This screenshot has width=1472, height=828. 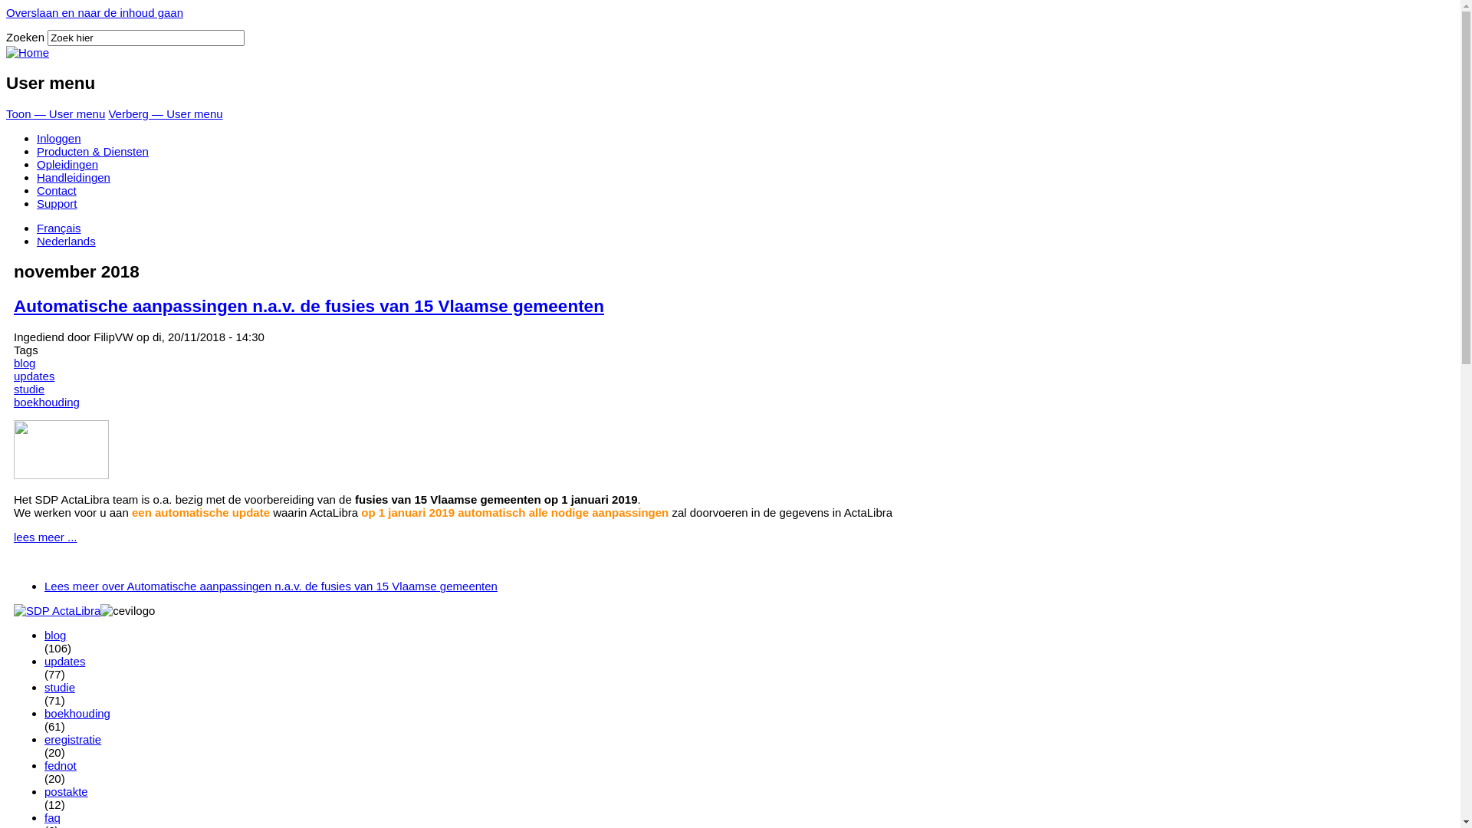 I want to click on 'blog', so click(x=55, y=635).